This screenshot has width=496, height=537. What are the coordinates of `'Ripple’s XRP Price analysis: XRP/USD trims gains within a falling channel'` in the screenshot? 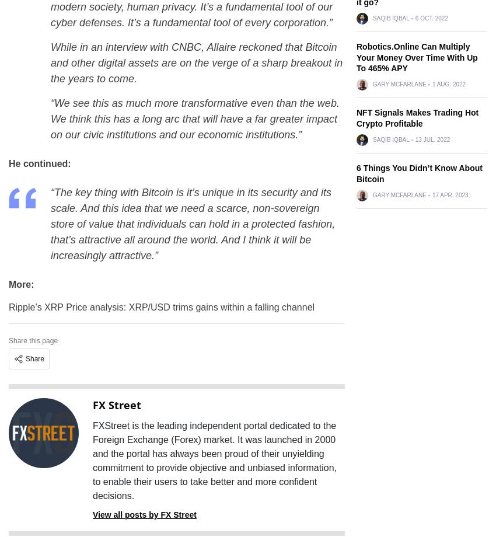 It's located at (161, 307).